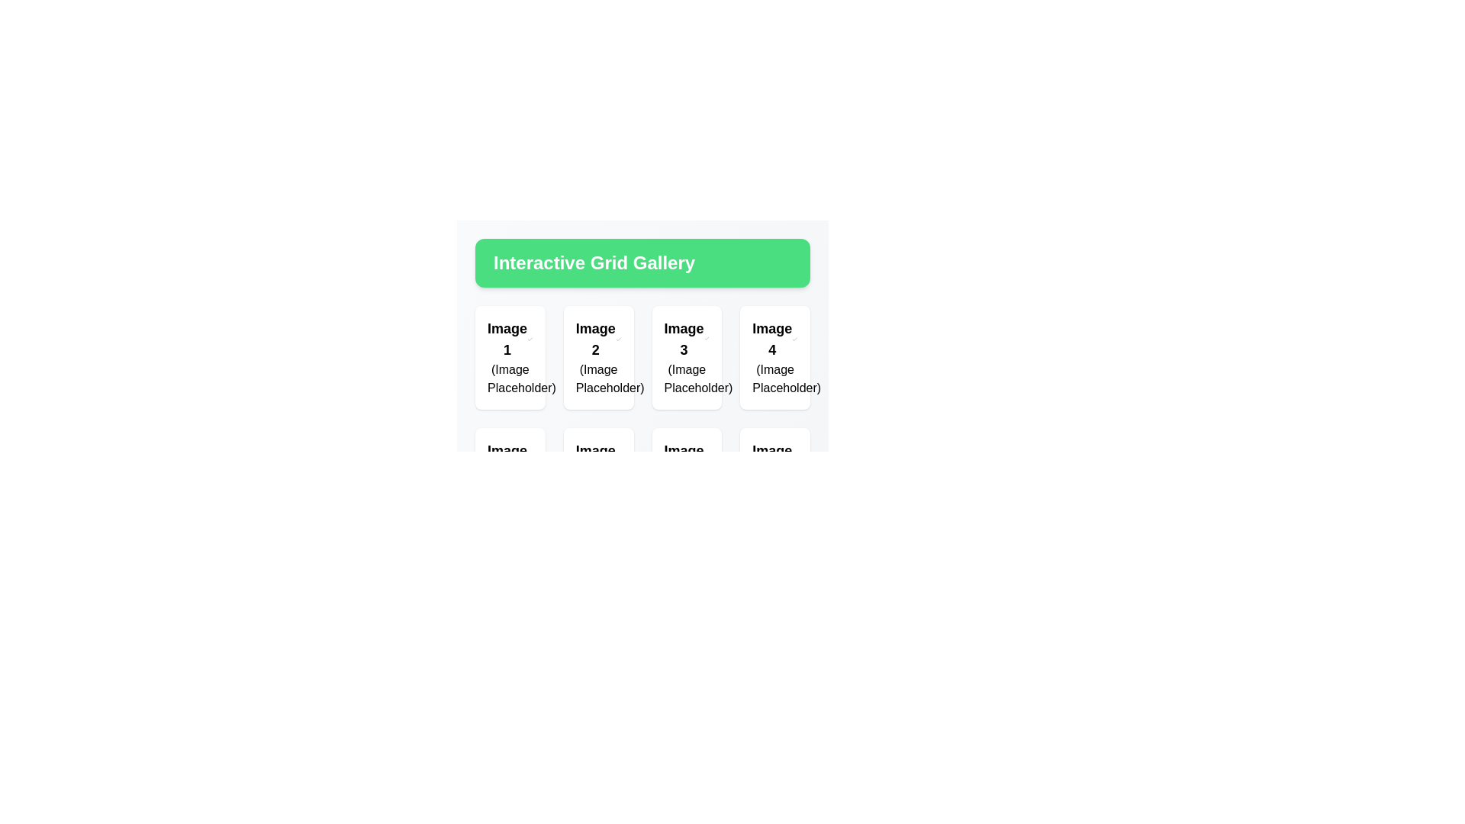 This screenshot has height=824, width=1465. What do you see at coordinates (594, 262) in the screenshot?
I see `title text element located horizontally centered near the top of the green rectangular section above the gallery grid` at bounding box center [594, 262].